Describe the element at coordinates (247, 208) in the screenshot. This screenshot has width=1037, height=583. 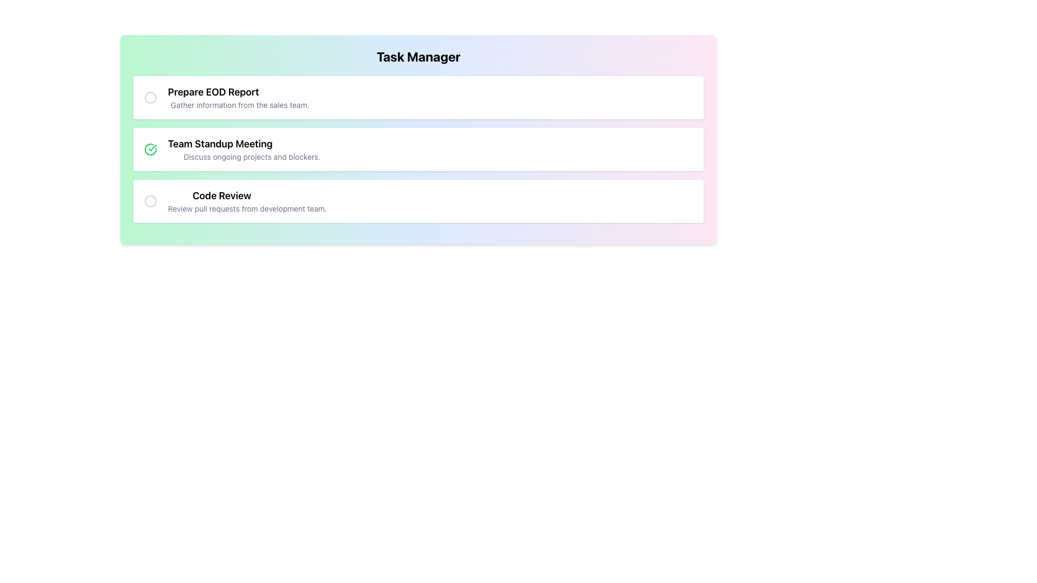
I see `the supplementary text content for the third task titled 'Code Review', which provides additional context or instructions` at that location.